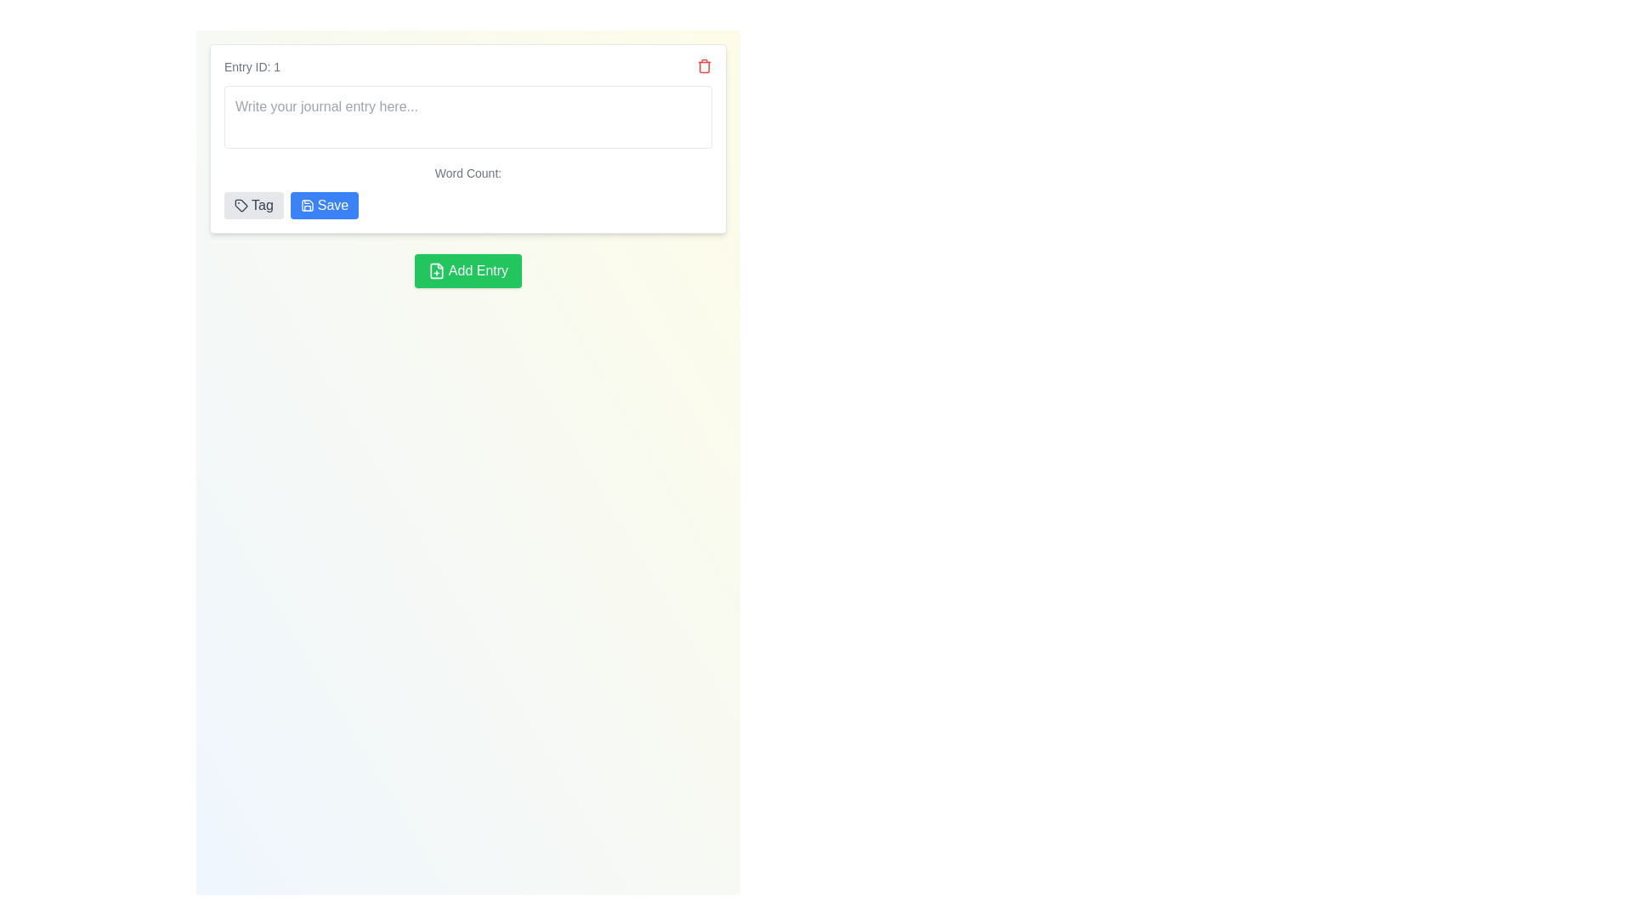 The image size is (1632, 918). Describe the element at coordinates (252, 205) in the screenshot. I see `the rectangular button with a gray background and rounded corners labeled 'Tag'` at that location.